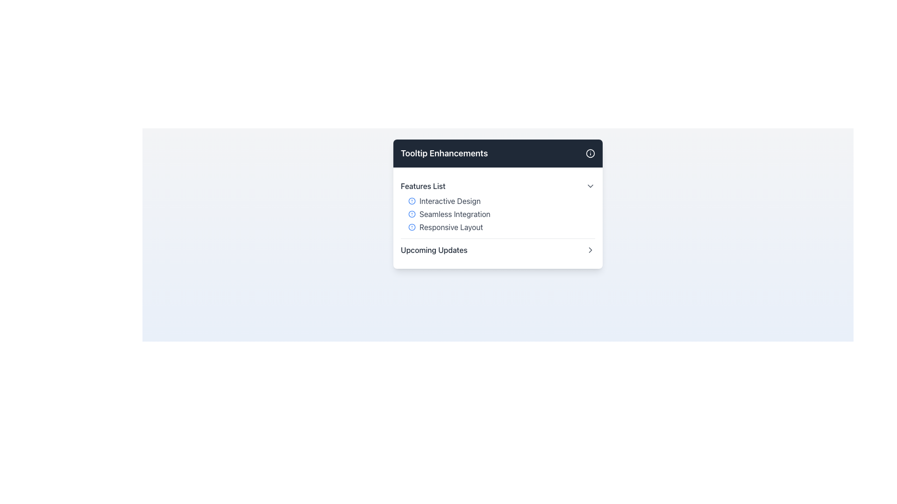  I want to click on Circle (vector graphic) that serves as a graphical indicator for the 'Seamless Integration' item in the 'Features List' section, so click(412, 214).